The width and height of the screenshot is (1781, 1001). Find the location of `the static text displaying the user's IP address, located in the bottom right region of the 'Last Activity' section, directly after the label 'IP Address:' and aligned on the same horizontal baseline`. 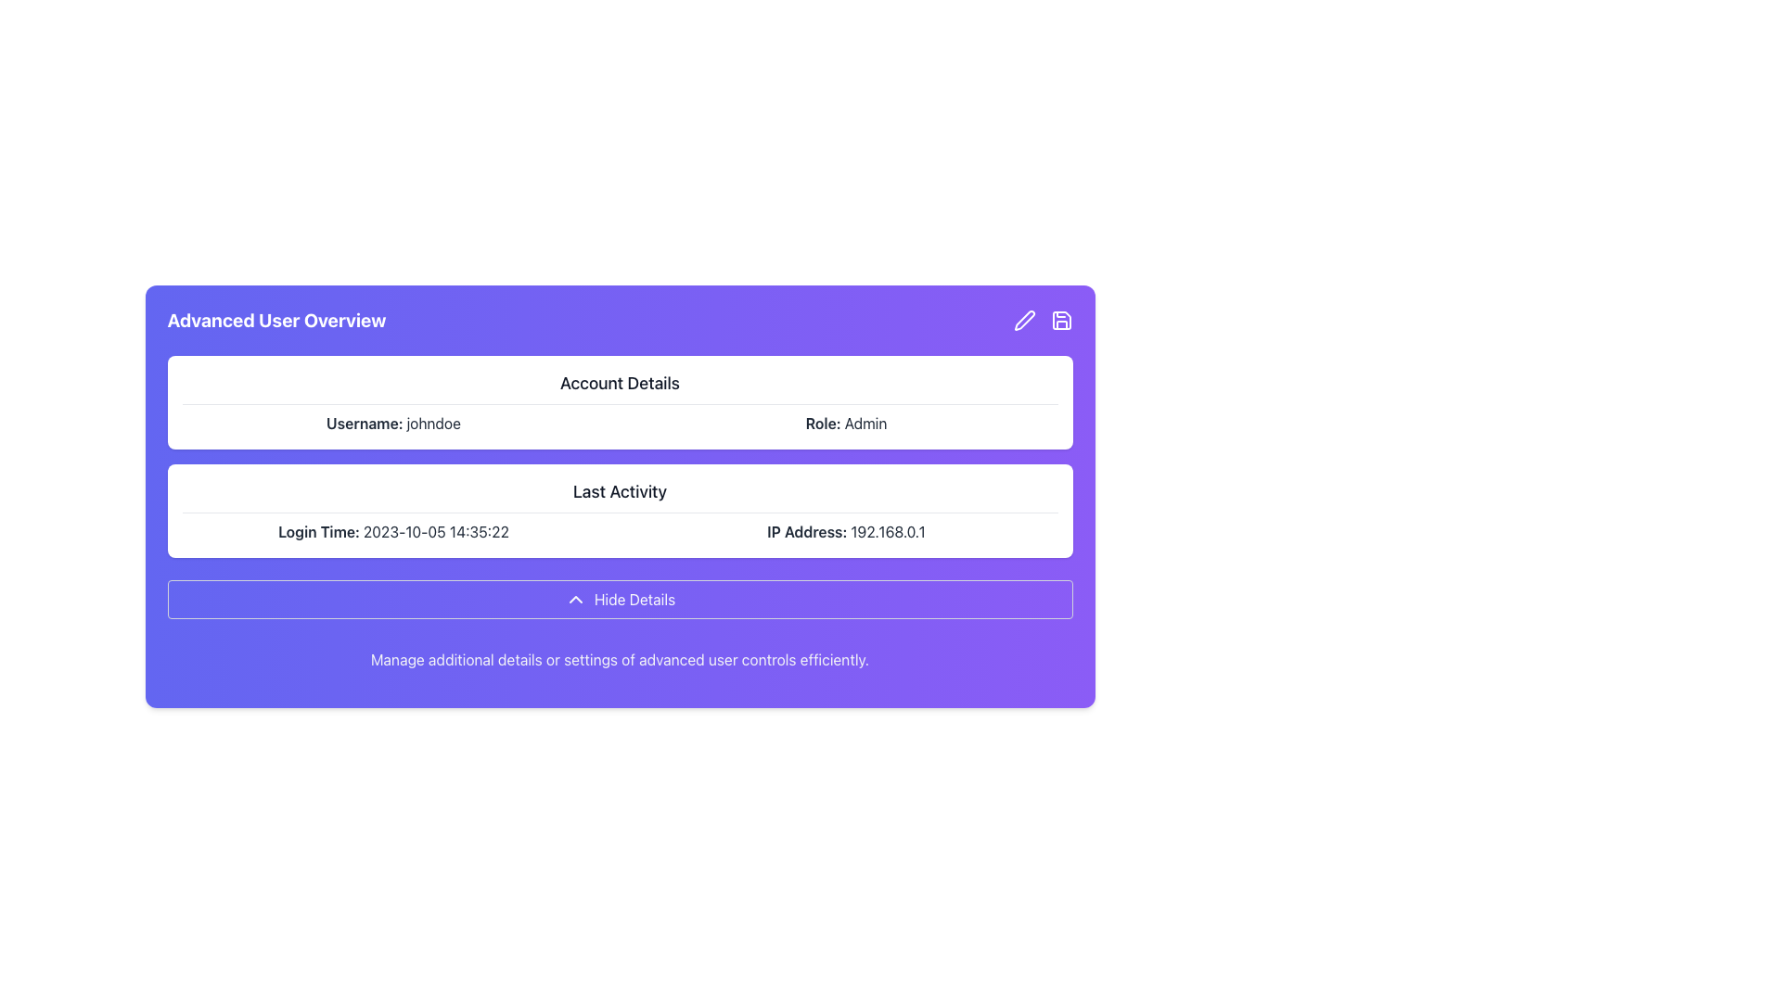

the static text displaying the user's IP address, located in the bottom right region of the 'Last Activity' section, directly after the label 'IP Address:' and aligned on the same horizontal baseline is located at coordinates (887, 532).